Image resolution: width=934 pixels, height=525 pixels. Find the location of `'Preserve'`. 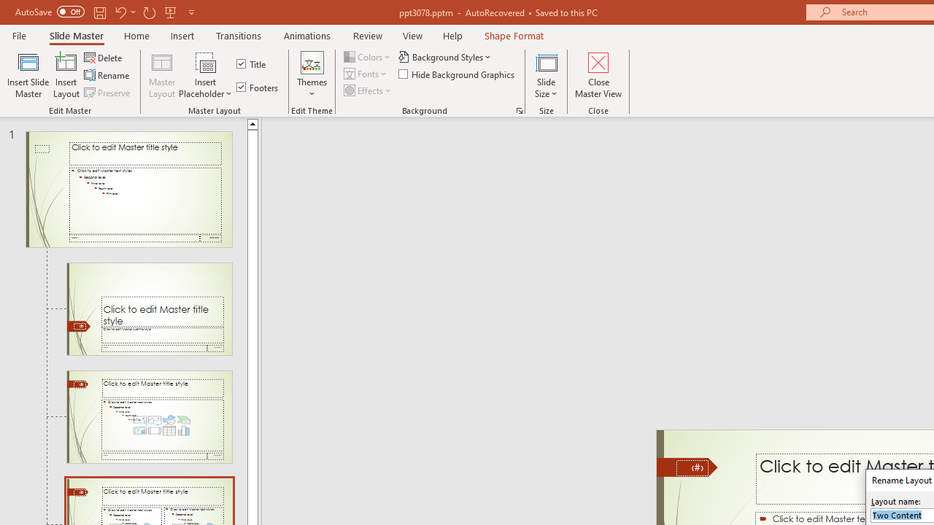

'Preserve' is located at coordinates (108, 93).